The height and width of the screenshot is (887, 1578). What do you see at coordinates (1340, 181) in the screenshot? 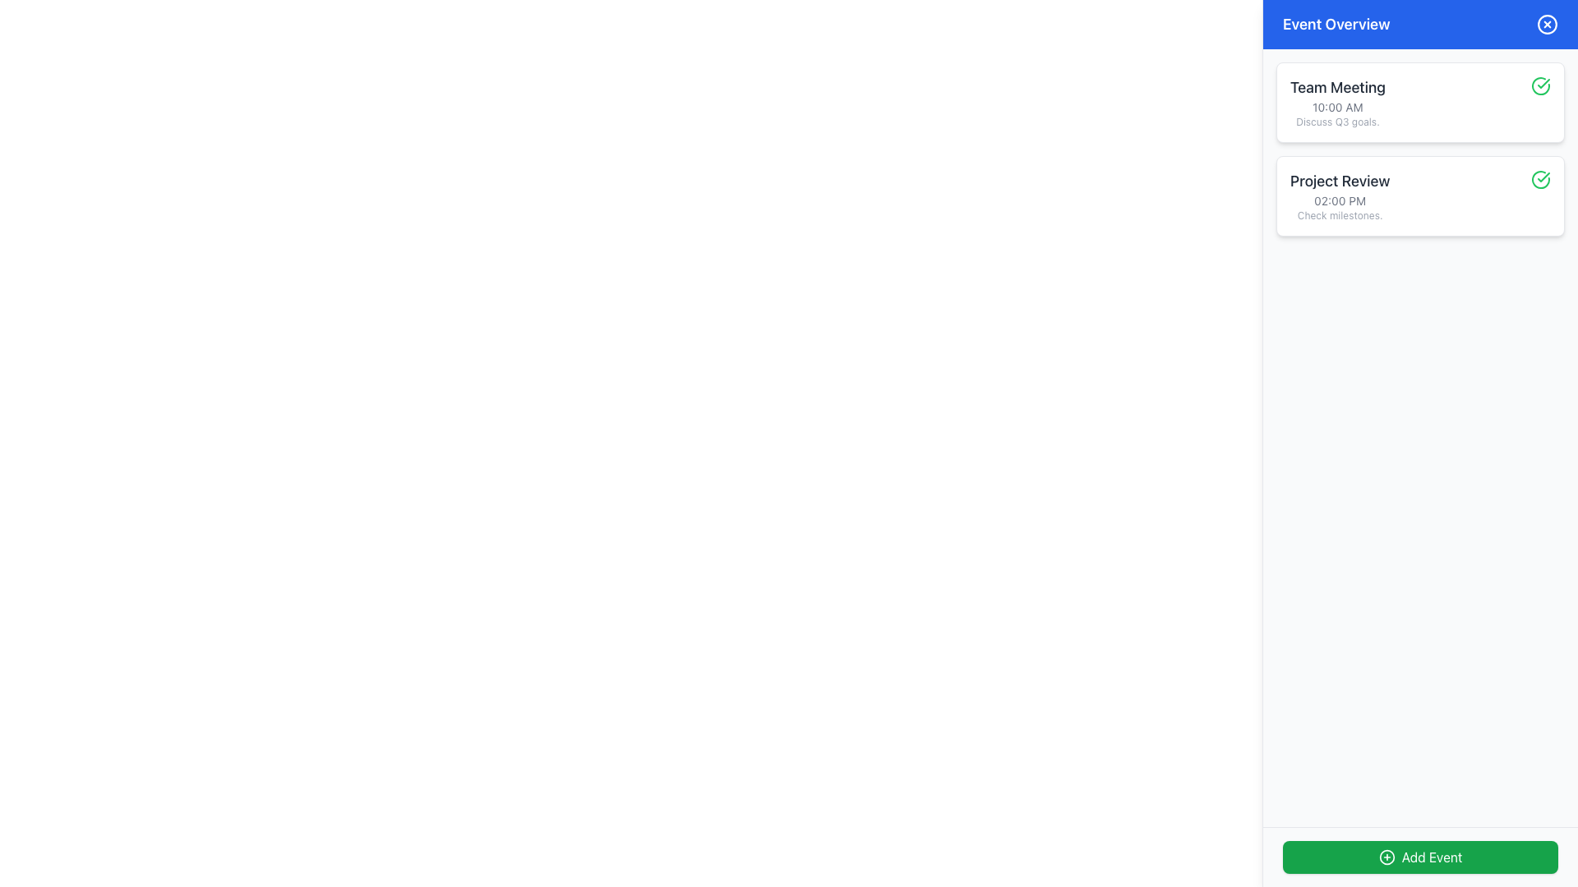
I see `the static text element that serves as the title for the scheduled event located in the second event listed under the 'Event Overview' panel` at bounding box center [1340, 181].